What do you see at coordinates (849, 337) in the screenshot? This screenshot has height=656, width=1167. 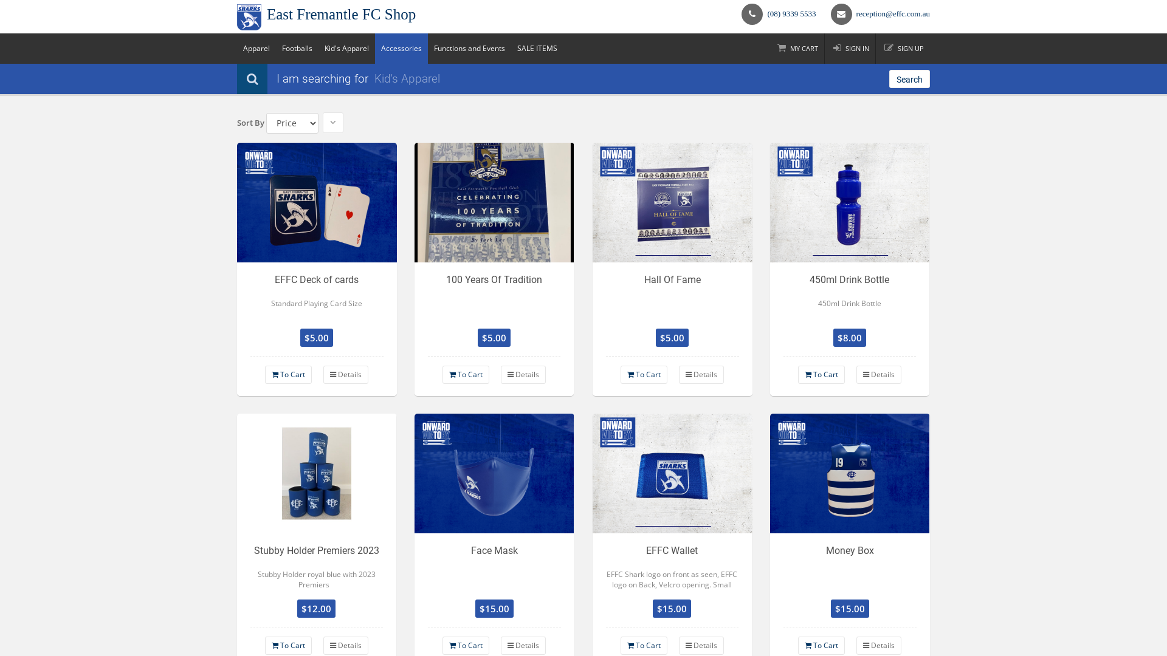 I see `'$8.00'` at bounding box center [849, 337].